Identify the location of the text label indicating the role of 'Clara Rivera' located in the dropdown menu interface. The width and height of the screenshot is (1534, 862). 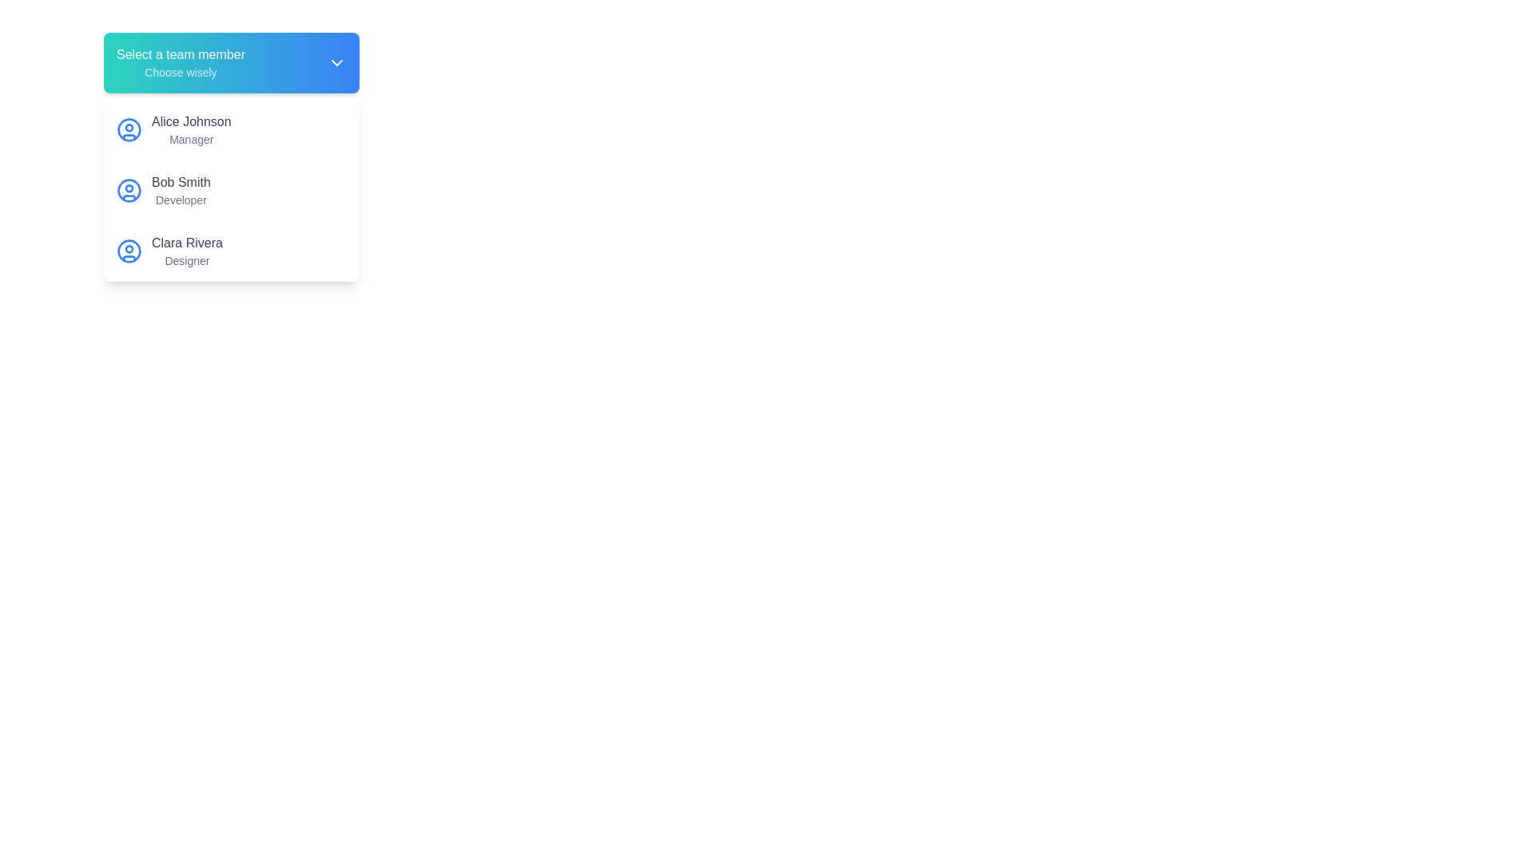
(187, 260).